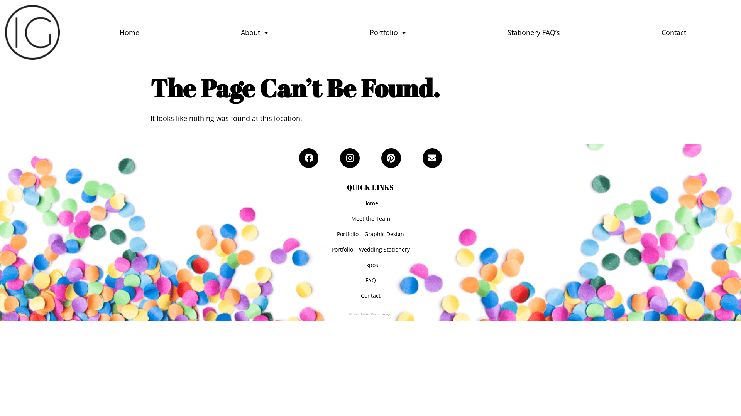 This screenshot has width=741, height=416. Describe the element at coordinates (370, 295) in the screenshot. I see `'Contact'` at that location.